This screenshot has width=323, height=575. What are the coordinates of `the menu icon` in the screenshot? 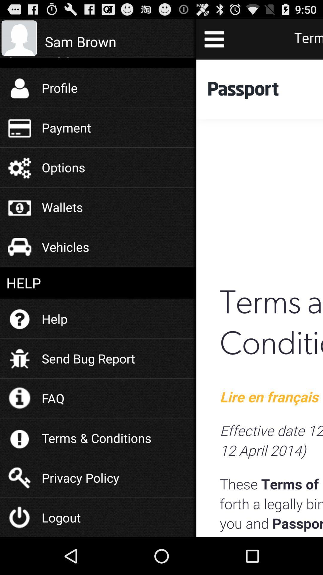 It's located at (214, 41).